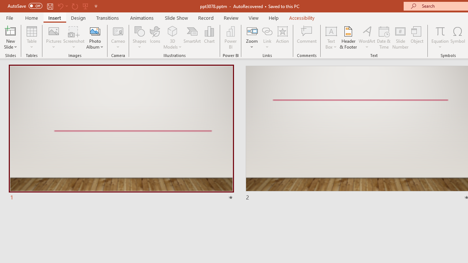 Image resolution: width=468 pixels, height=263 pixels. Describe the element at coordinates (192, 38) in the screenshot. I see `'SmartArt...'` at that location.